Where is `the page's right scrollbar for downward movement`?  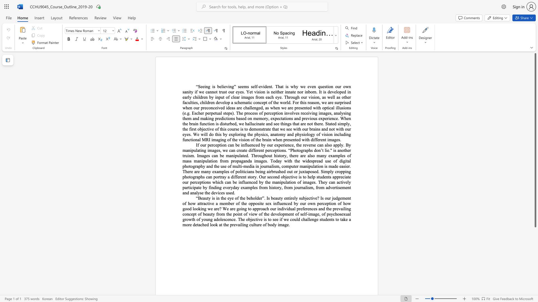
the page's right scrollbar for downward movement is located at coordinates (535, 235).